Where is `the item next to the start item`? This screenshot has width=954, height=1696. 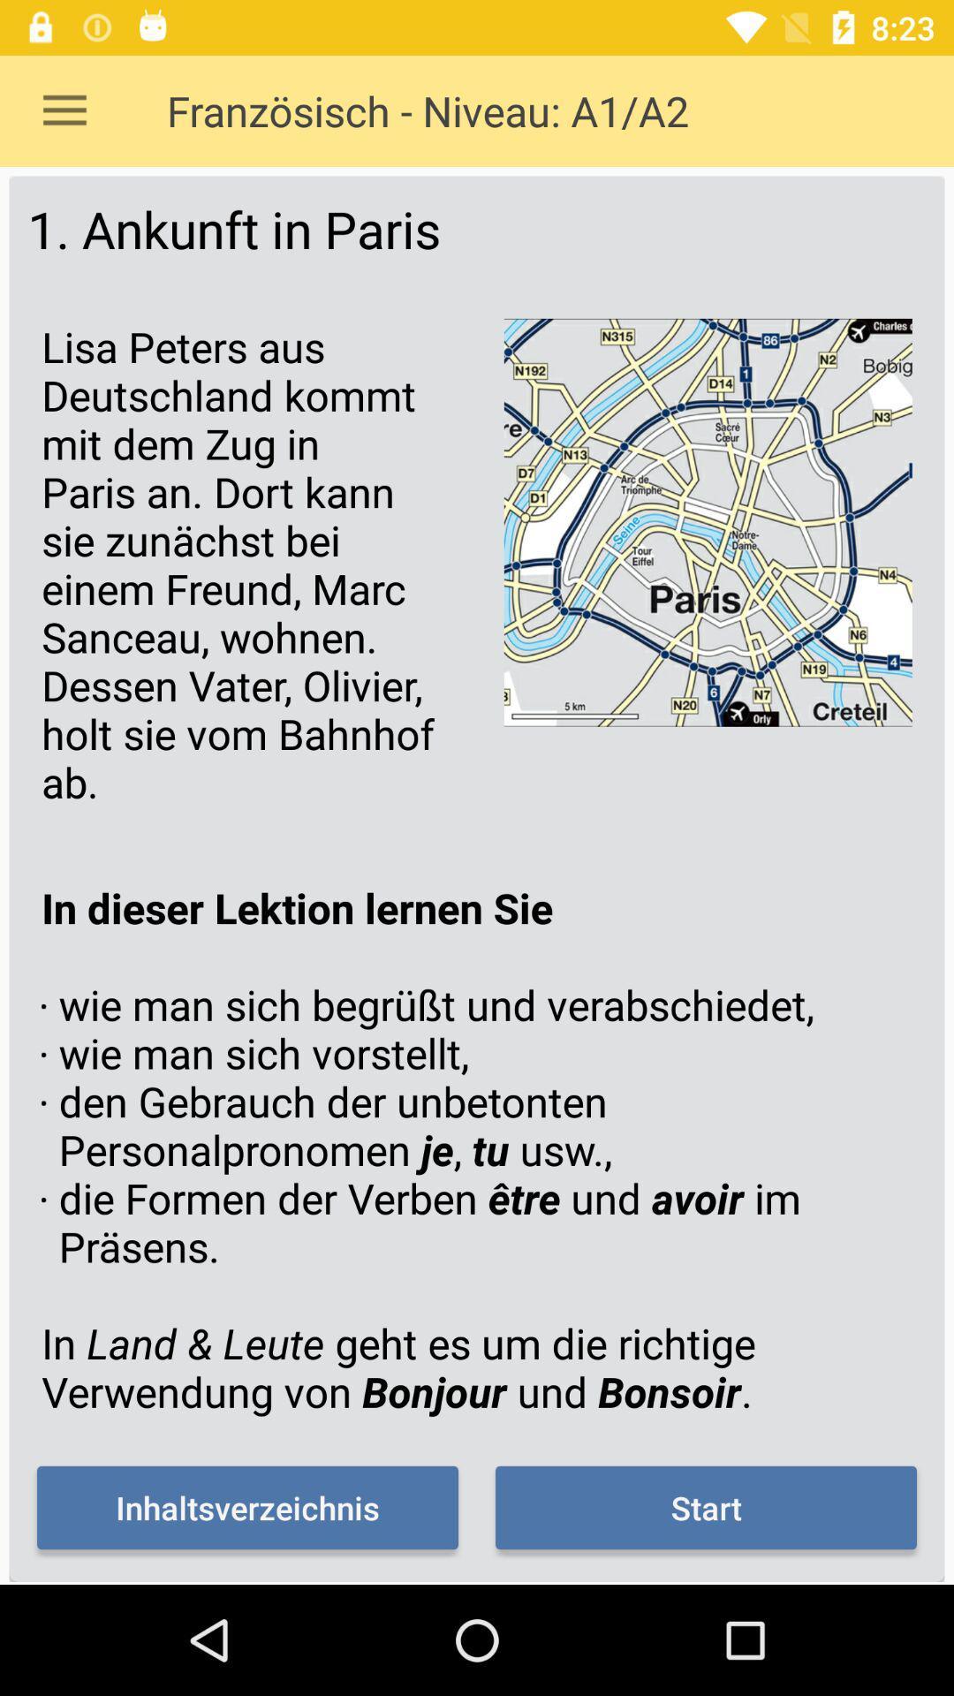
the item next to the start item is located at coordinates (247, 1507).